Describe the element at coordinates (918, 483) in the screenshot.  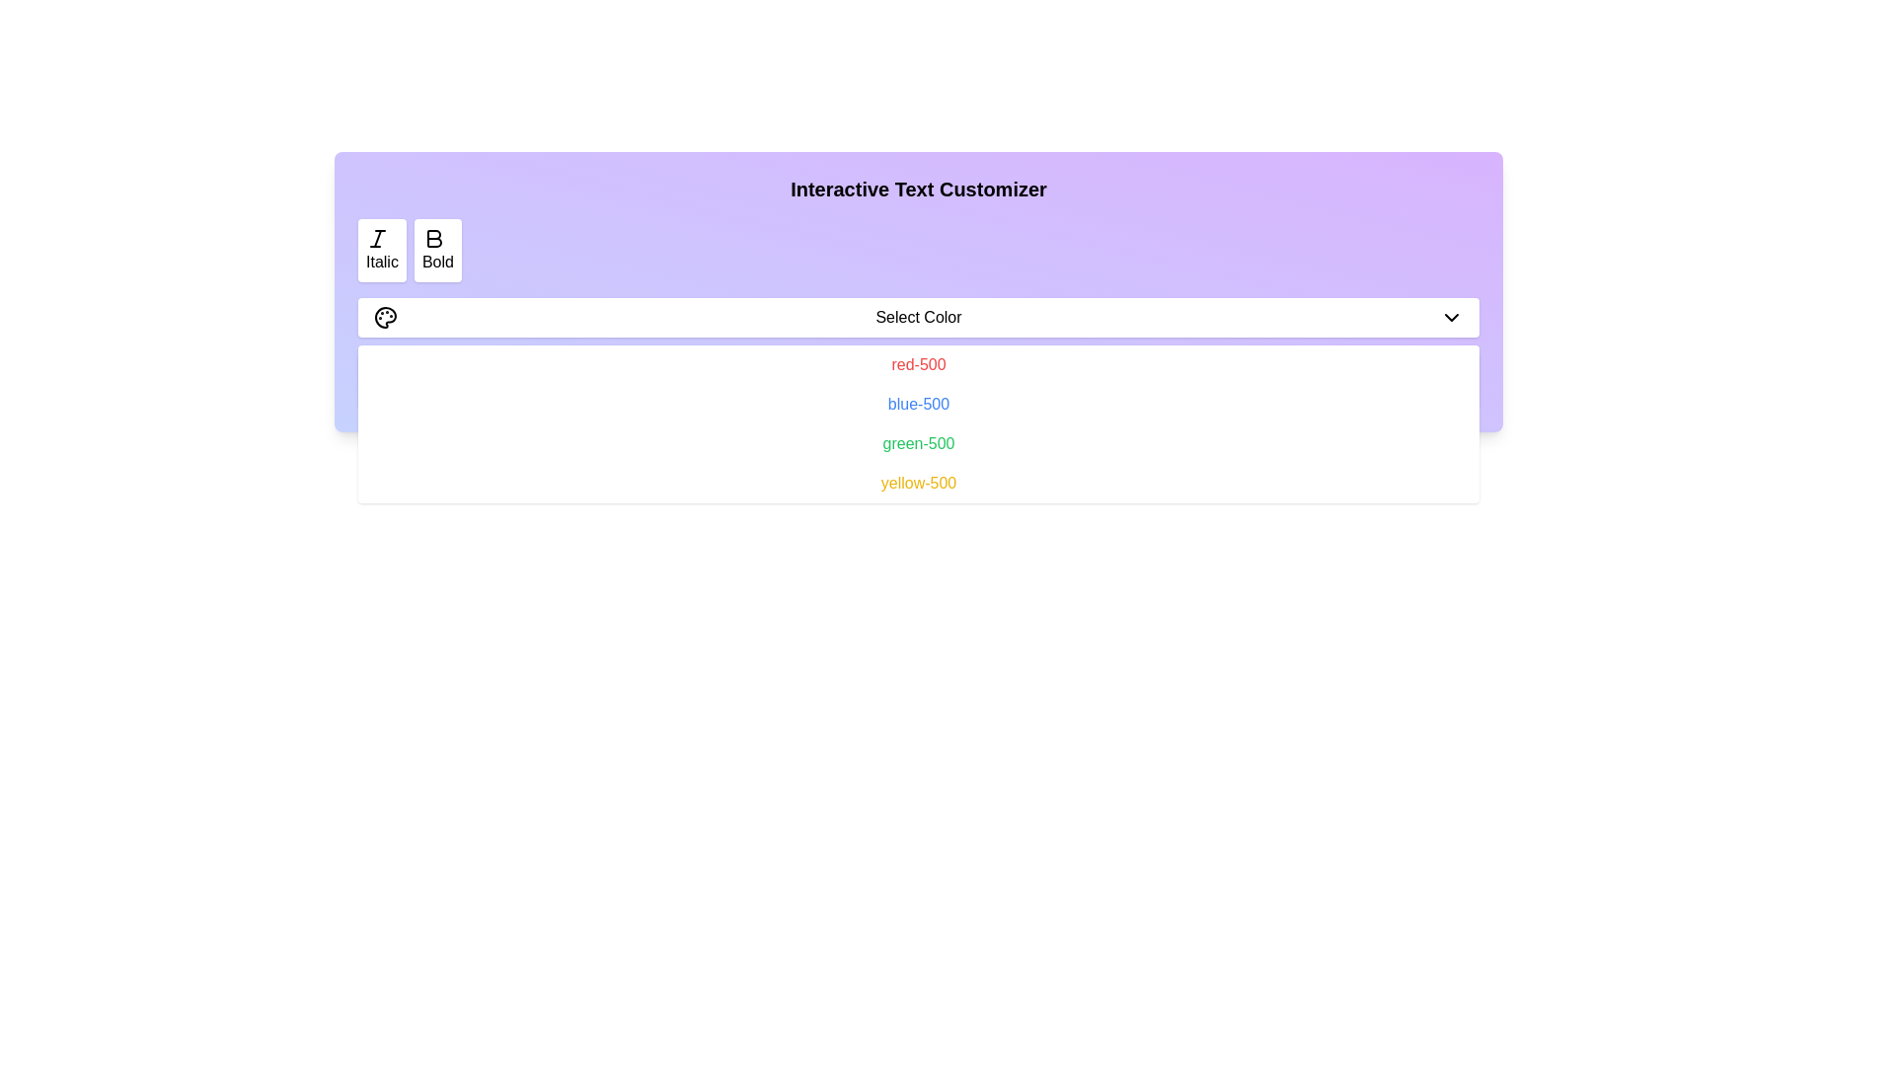
I see `the selectable text option indicating the color yellow-500 within the dropdown menu, which is the fourth entry below red-500, blue-500, and green-500` at that location.